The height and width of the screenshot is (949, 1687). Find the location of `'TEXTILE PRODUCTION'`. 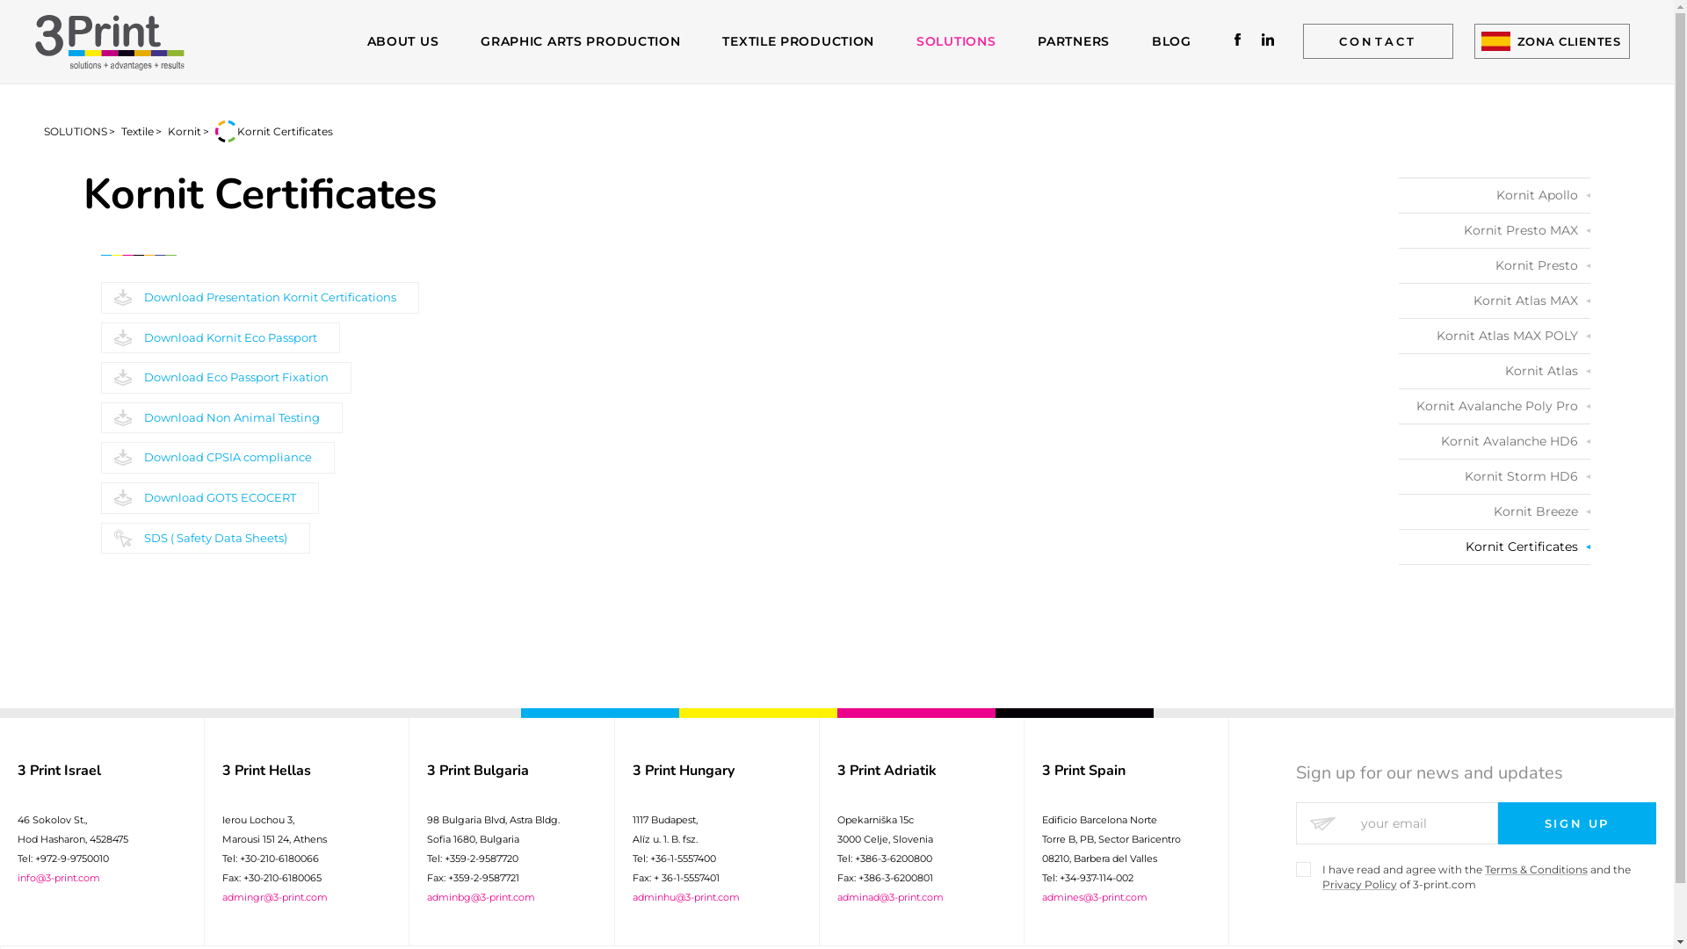

'TEXTILE PRODUCTION' is located at coordinates (797, 40).